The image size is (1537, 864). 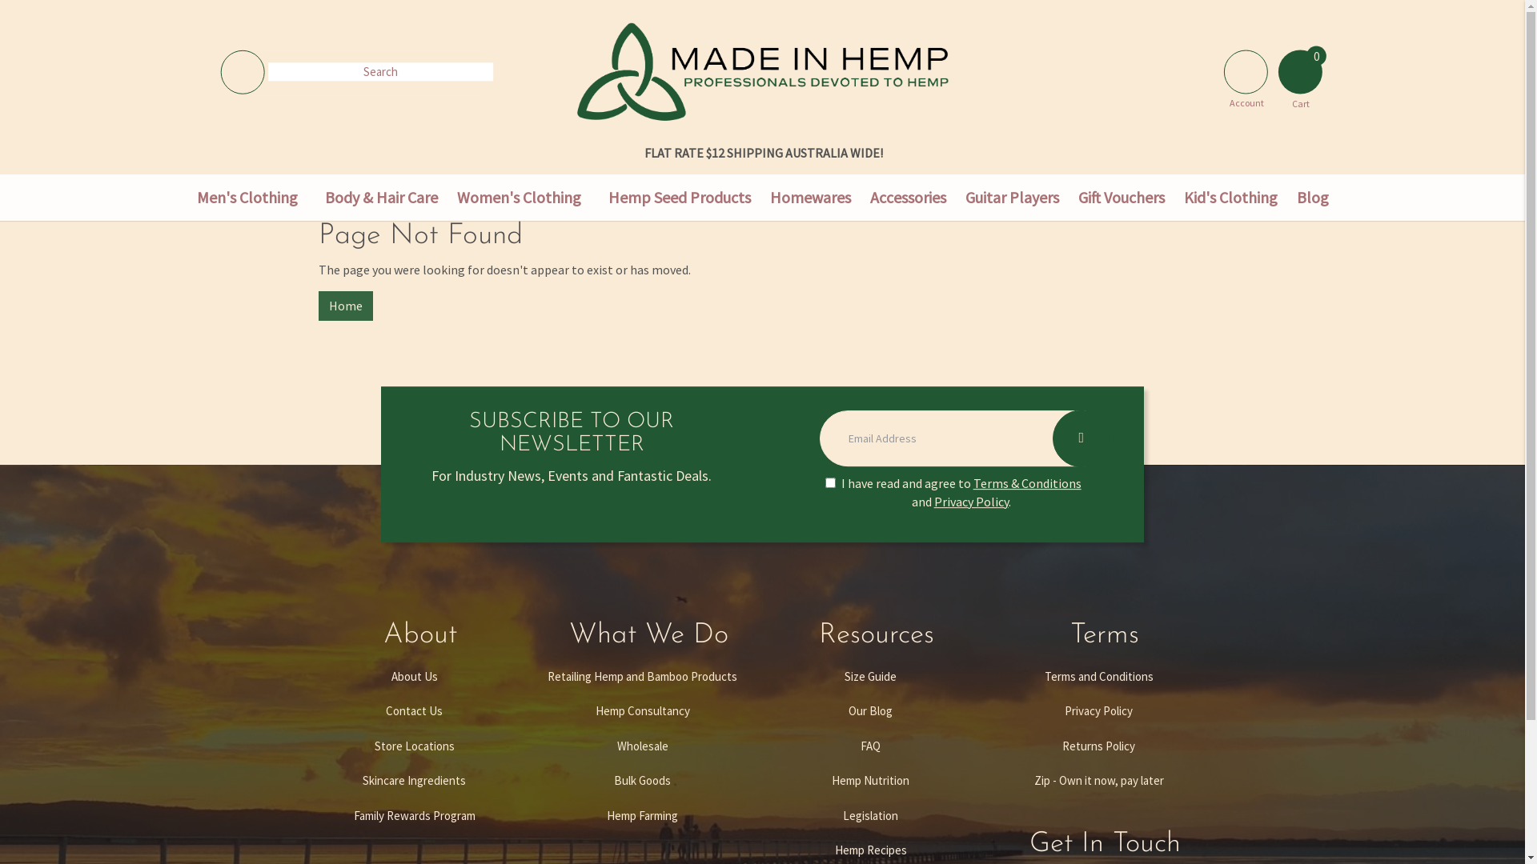 I want to click on 'Home', so click(x=345, y=306).